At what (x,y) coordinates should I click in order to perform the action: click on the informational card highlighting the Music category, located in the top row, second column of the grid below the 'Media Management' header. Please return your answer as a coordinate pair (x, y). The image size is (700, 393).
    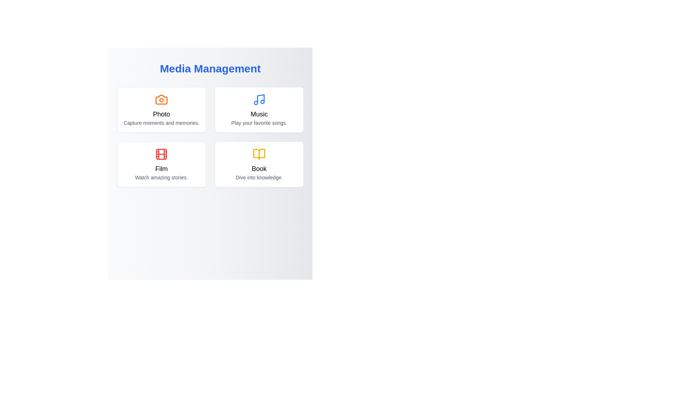
    Looking at the image, I should click on (259, 110).